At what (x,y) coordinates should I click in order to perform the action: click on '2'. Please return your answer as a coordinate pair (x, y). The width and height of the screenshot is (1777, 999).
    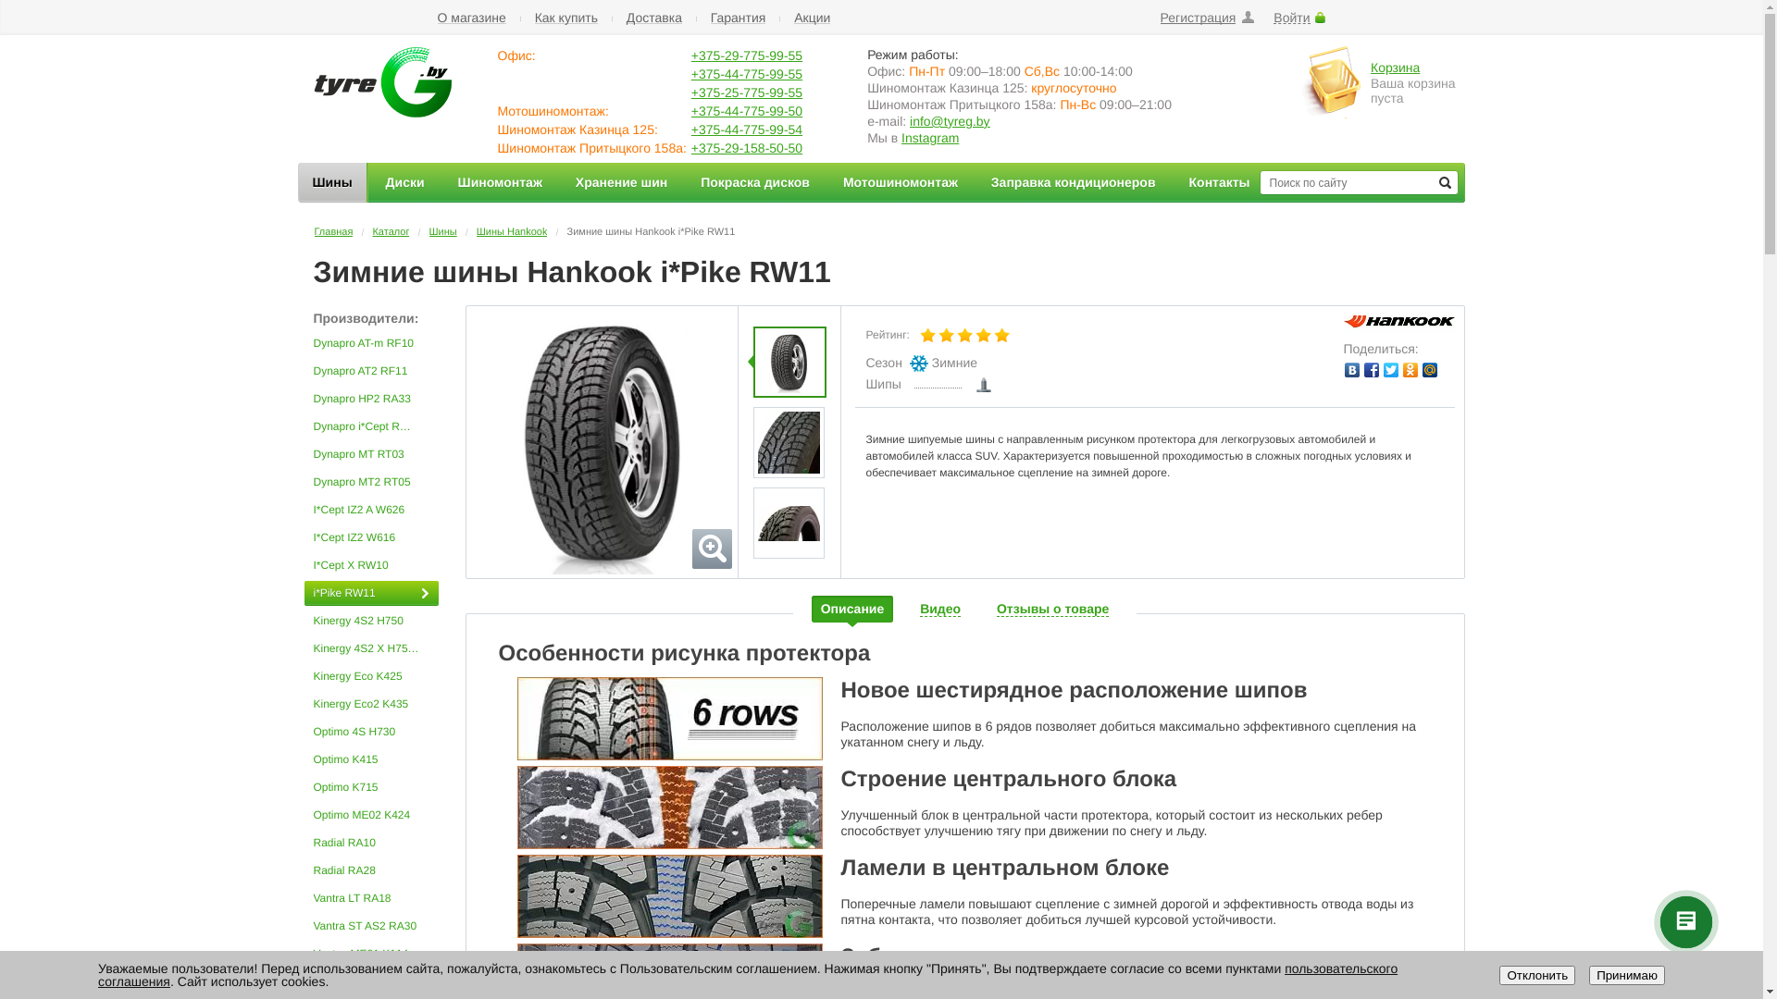
    Looking at the image, I should click on (937, 335).